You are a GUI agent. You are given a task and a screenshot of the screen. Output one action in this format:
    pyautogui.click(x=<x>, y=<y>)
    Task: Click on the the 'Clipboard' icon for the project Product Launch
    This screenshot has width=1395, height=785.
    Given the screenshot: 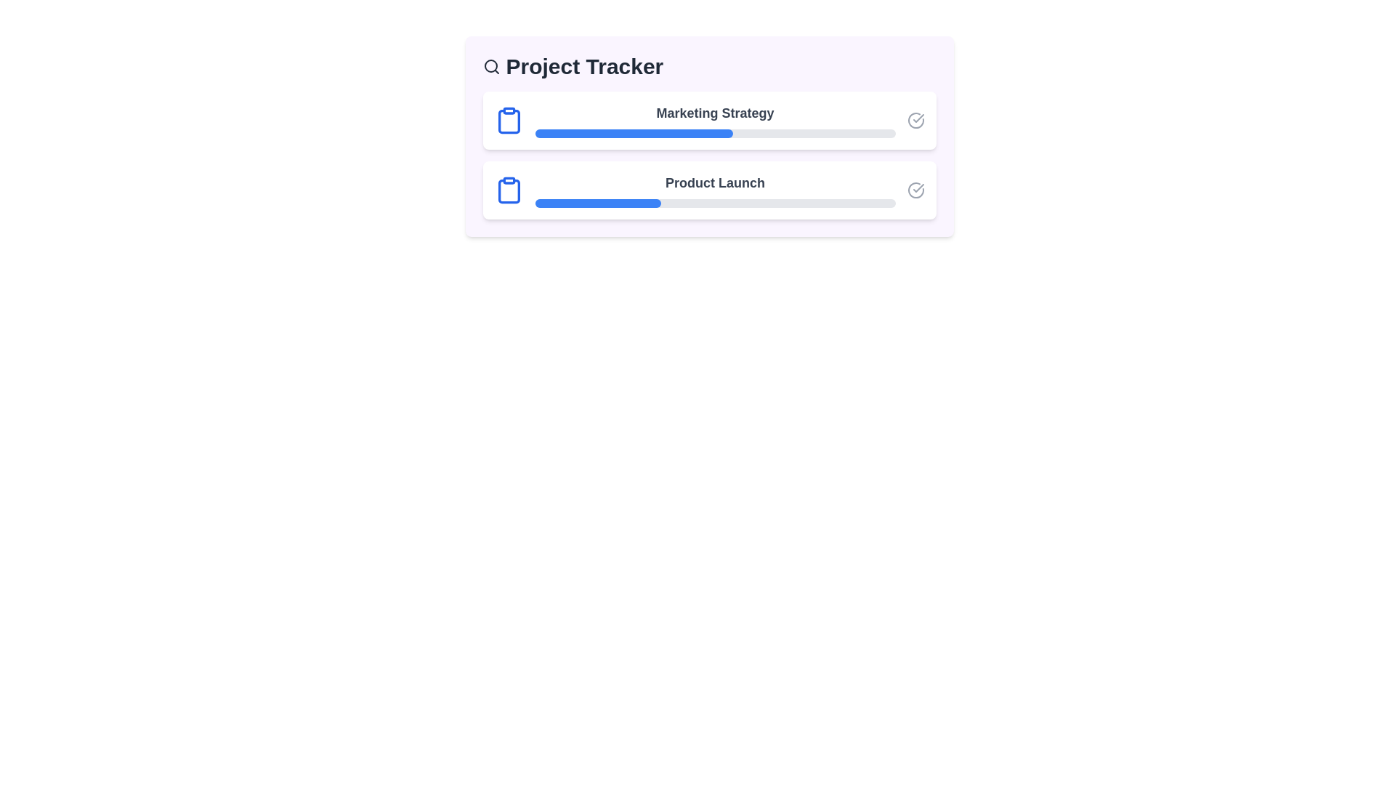 What is the action you would take?
    pyautogui.click(x=509, y=190)
    